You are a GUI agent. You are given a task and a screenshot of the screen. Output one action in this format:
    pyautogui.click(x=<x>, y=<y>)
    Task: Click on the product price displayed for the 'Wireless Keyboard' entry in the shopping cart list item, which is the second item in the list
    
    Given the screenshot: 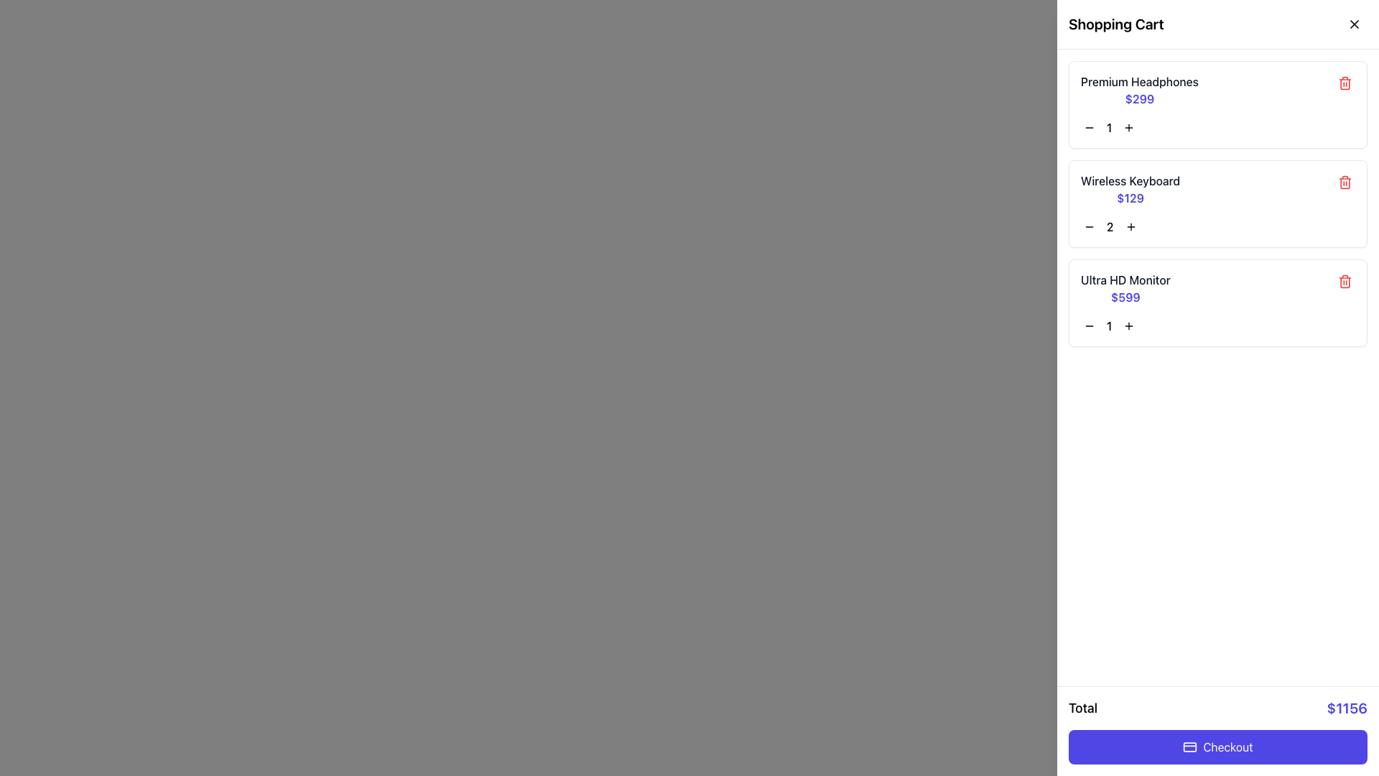 What is the action you would take?
    pyautogui.click(x=1217, y=188)
    